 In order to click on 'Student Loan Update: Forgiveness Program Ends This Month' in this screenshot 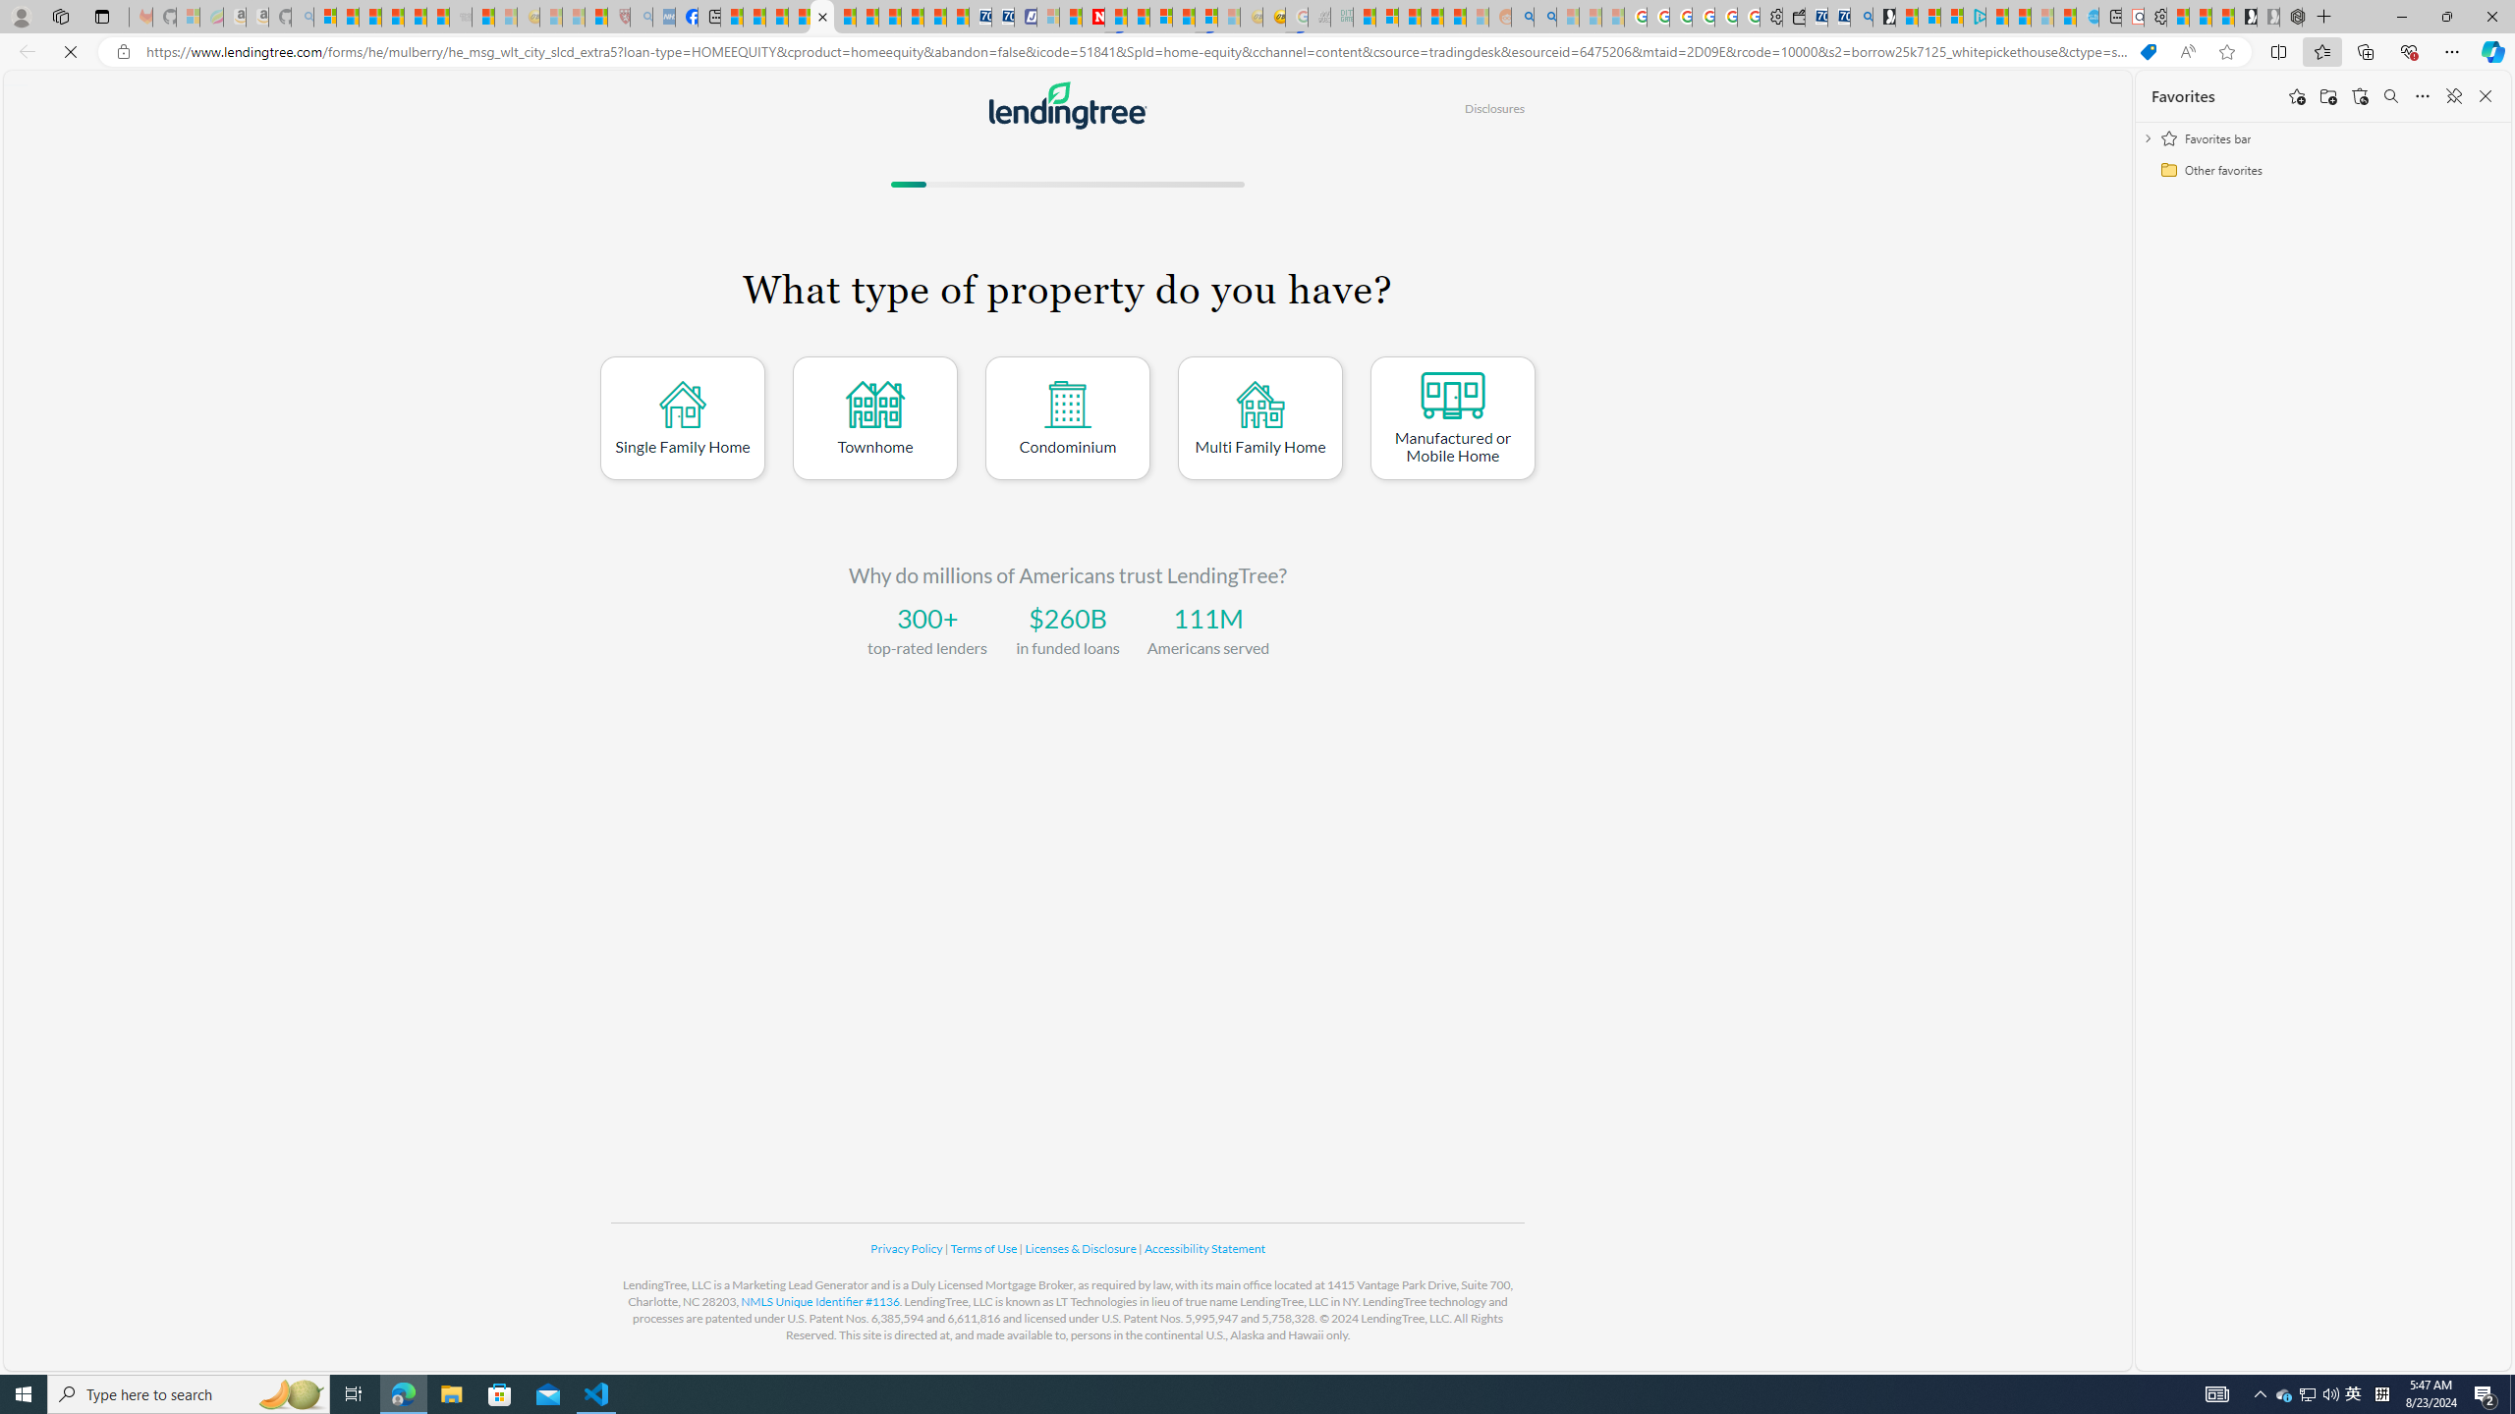, I will do `click(1453, 16)`.